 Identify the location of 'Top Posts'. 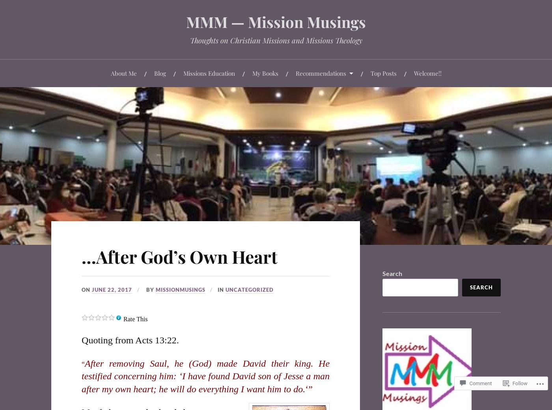
(370, 73).